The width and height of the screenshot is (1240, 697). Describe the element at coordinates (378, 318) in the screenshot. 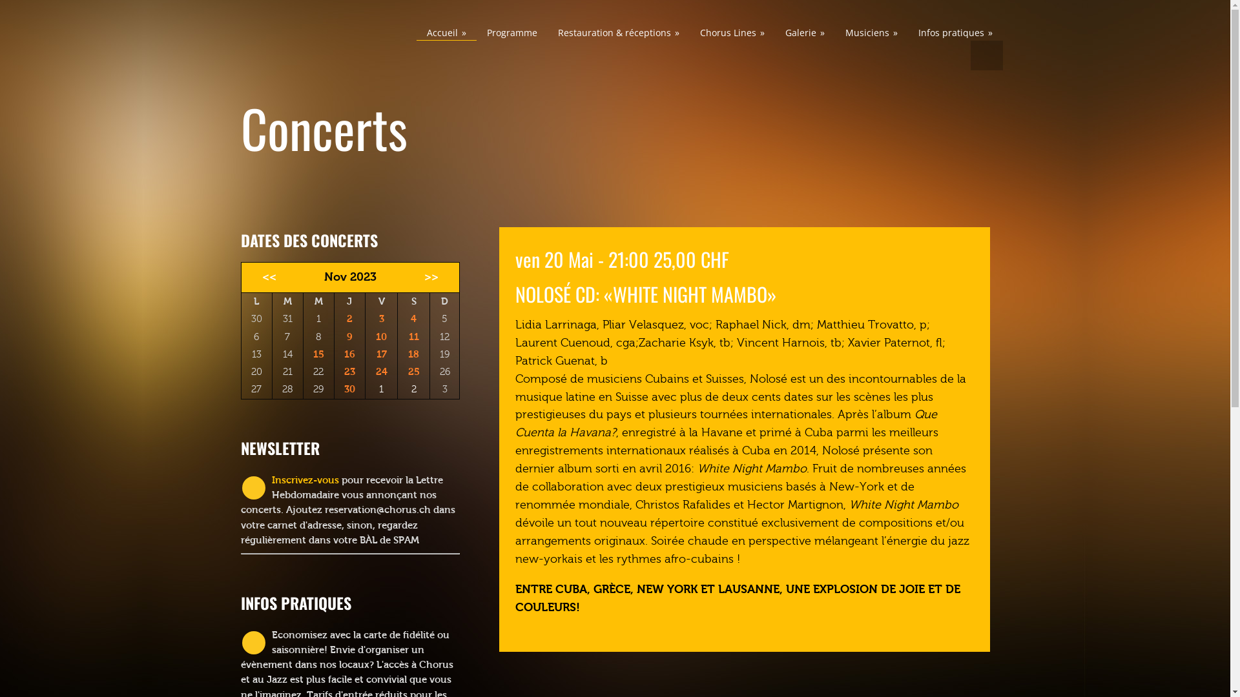

I see `'3'` at that location.